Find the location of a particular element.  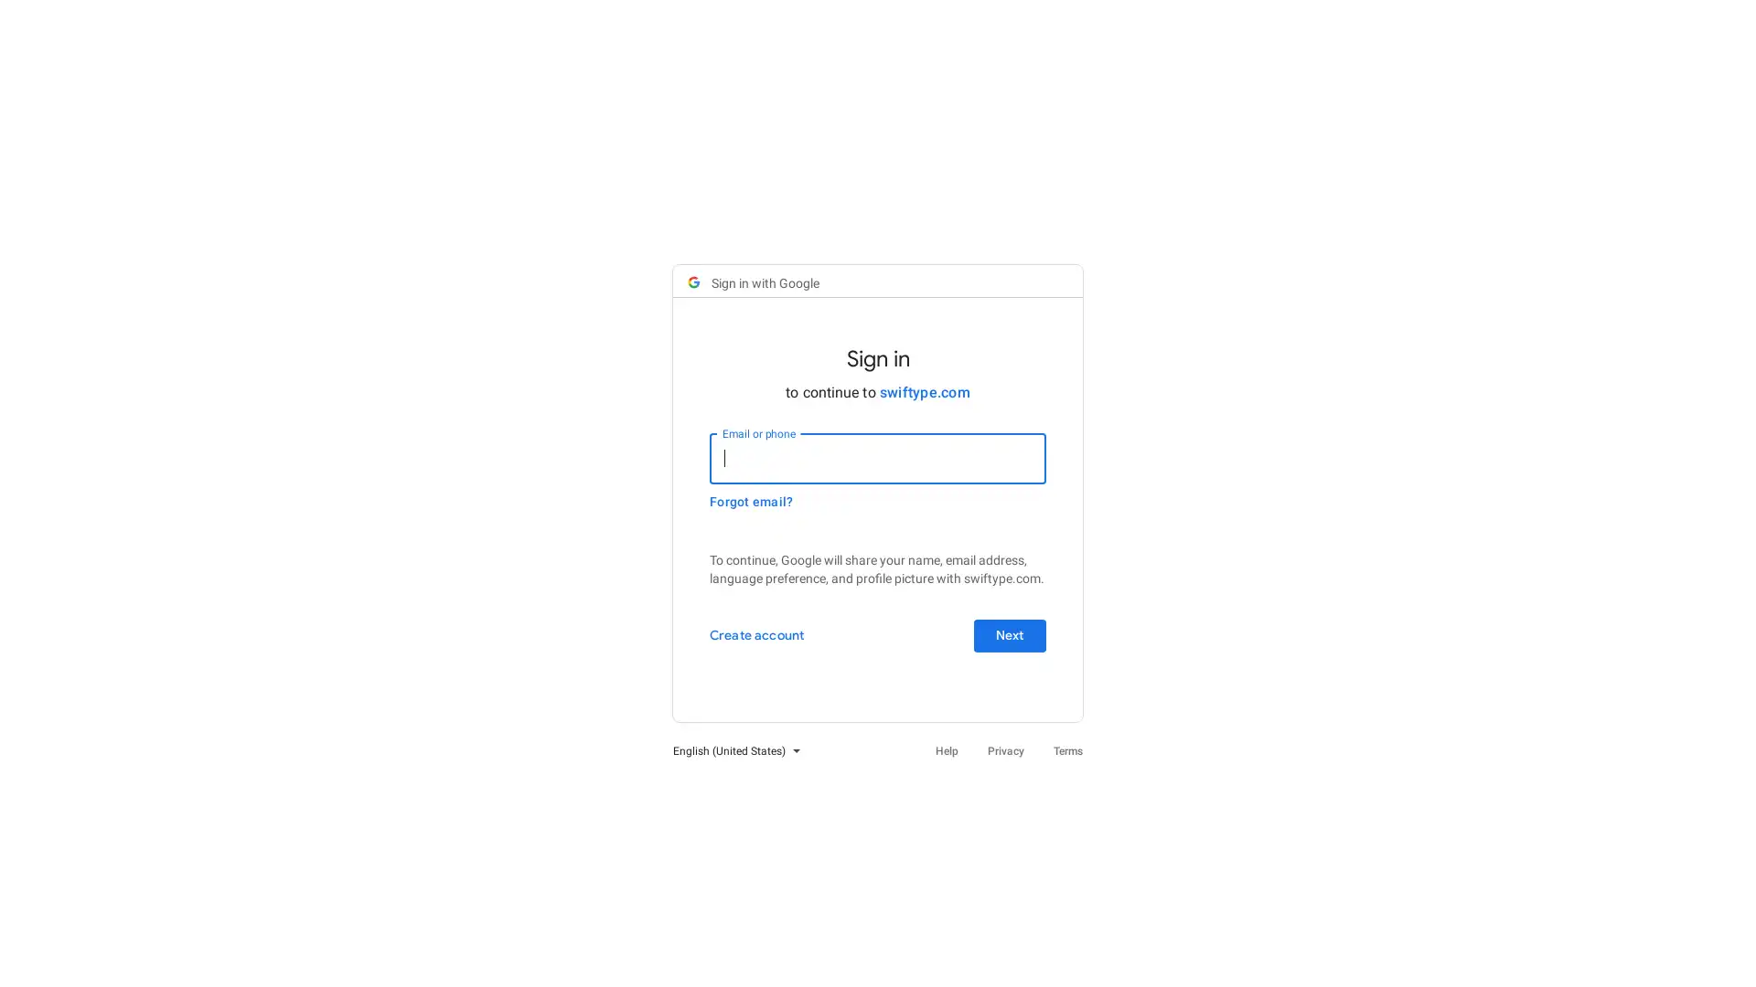

Create account is located at coordinates (756, 633).